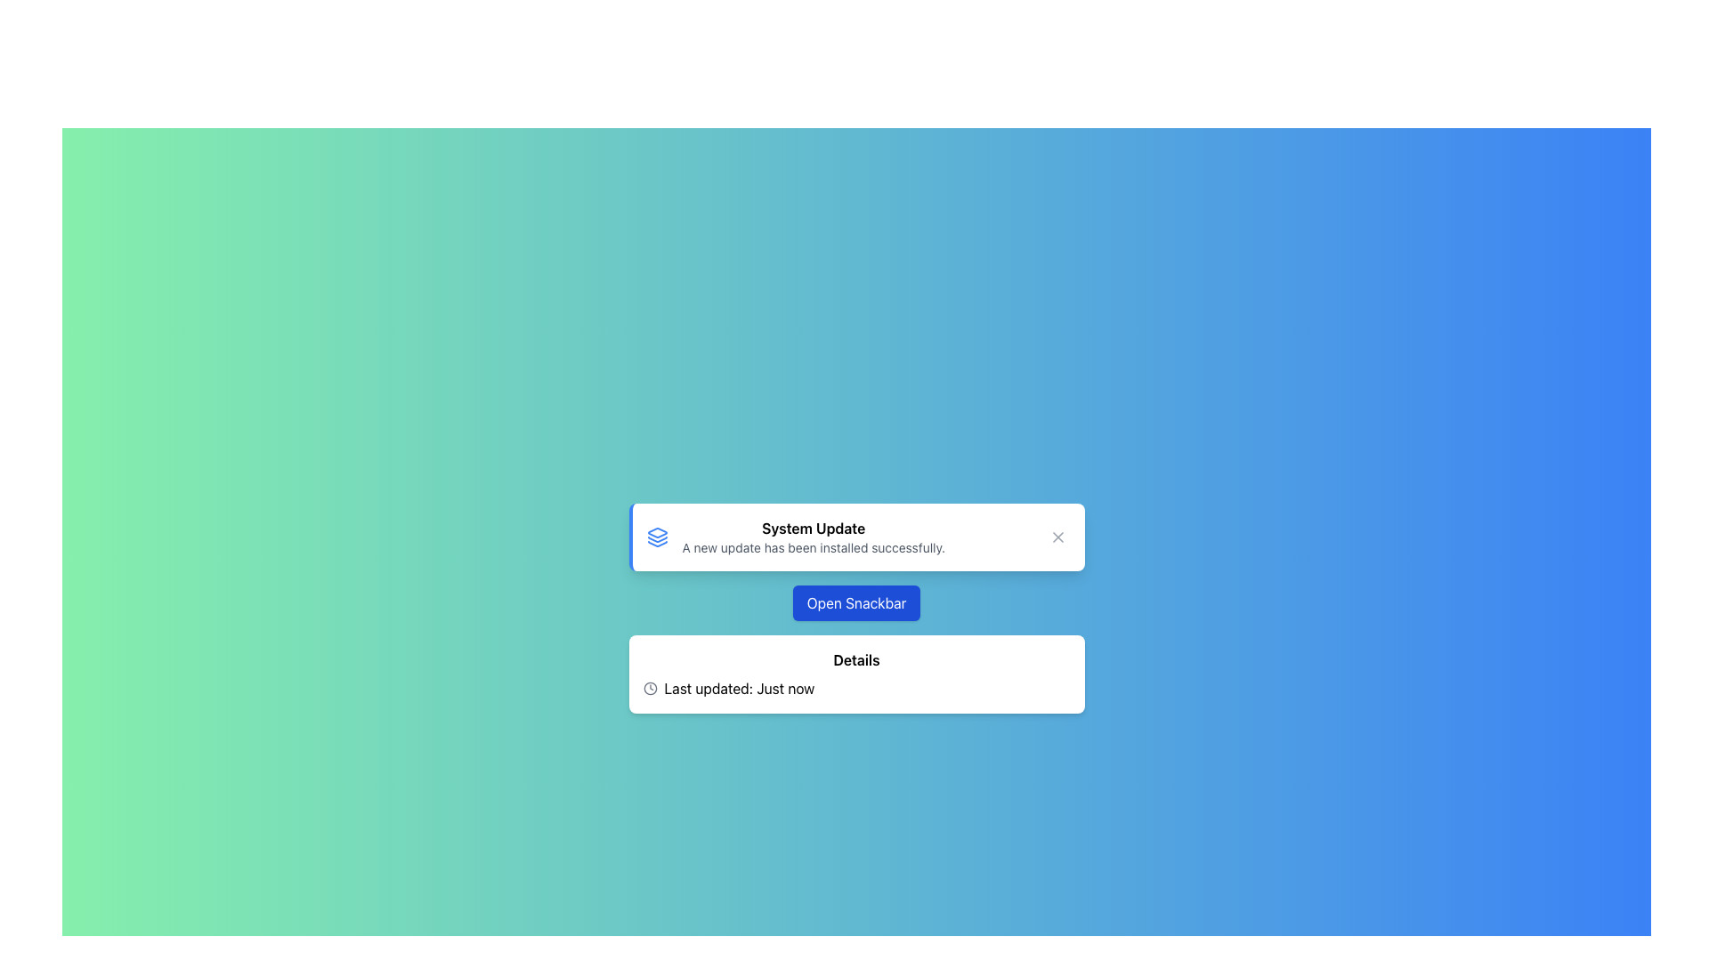 This screenshot has width=1709, height=961. Describe the element at coordinates (856, 602) in the screenshot. I see `the 'Open Snackbar' button, which has a bright blue background and white text, located centrally below the 'System Update' message box and above the 'Details' box` at that location.